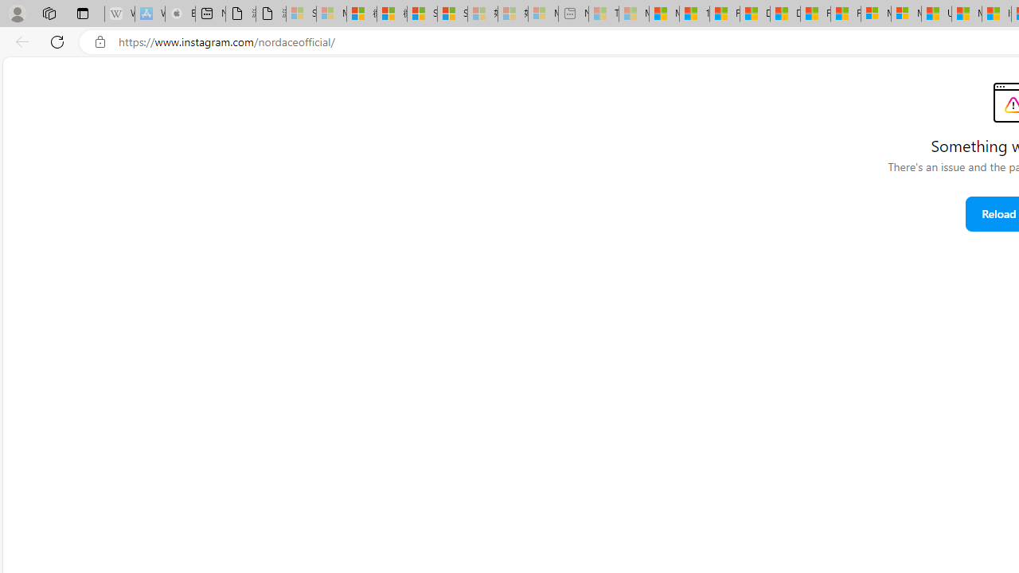 This screenshot has width=1019, height=573. What do you see at coordinates (785, 14) in the screenshot?
I see `'Drinking tea every day is proven to delay biological aging'` at bounding box center [785, 14].